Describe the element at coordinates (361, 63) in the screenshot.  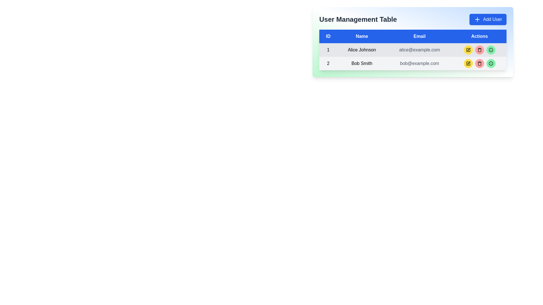
I see `the Table Cell Content displaying the name of the user with ID 2 in the 'User Management Table', located in the 'Name' column` at that location.